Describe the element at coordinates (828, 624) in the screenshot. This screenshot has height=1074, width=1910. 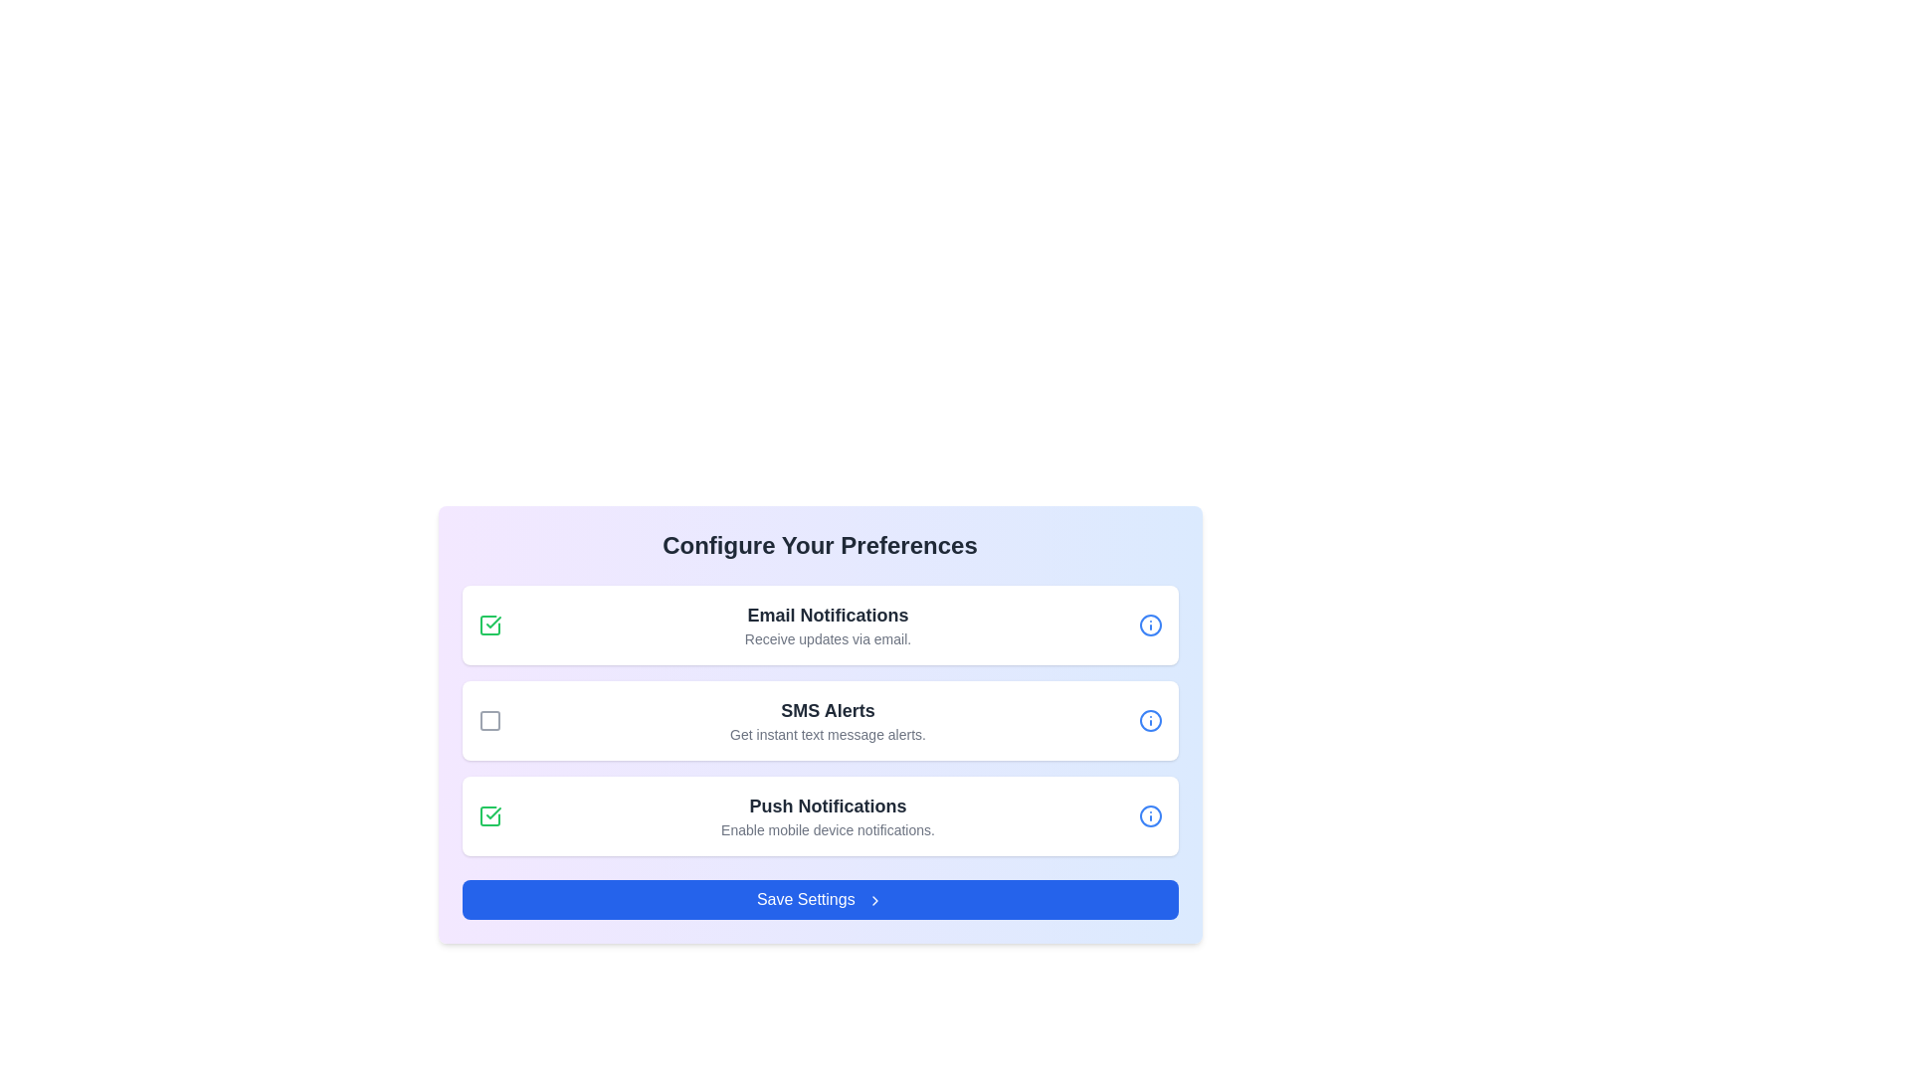
I see `the 'Email Notifications' text block, which contains the title in bold and the description in smaller font, located in the first row of settings options` at that location.